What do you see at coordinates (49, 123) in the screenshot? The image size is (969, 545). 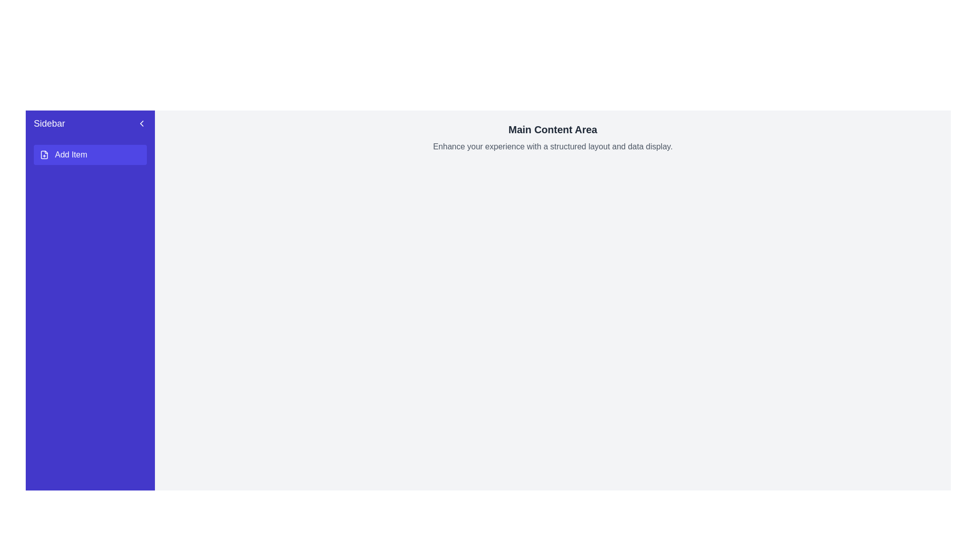 I see `text content of the header or label positioned at the top-left corner of the blue sidebar area, clearly identifying it as the section's title` at bounding box center [49, 123].